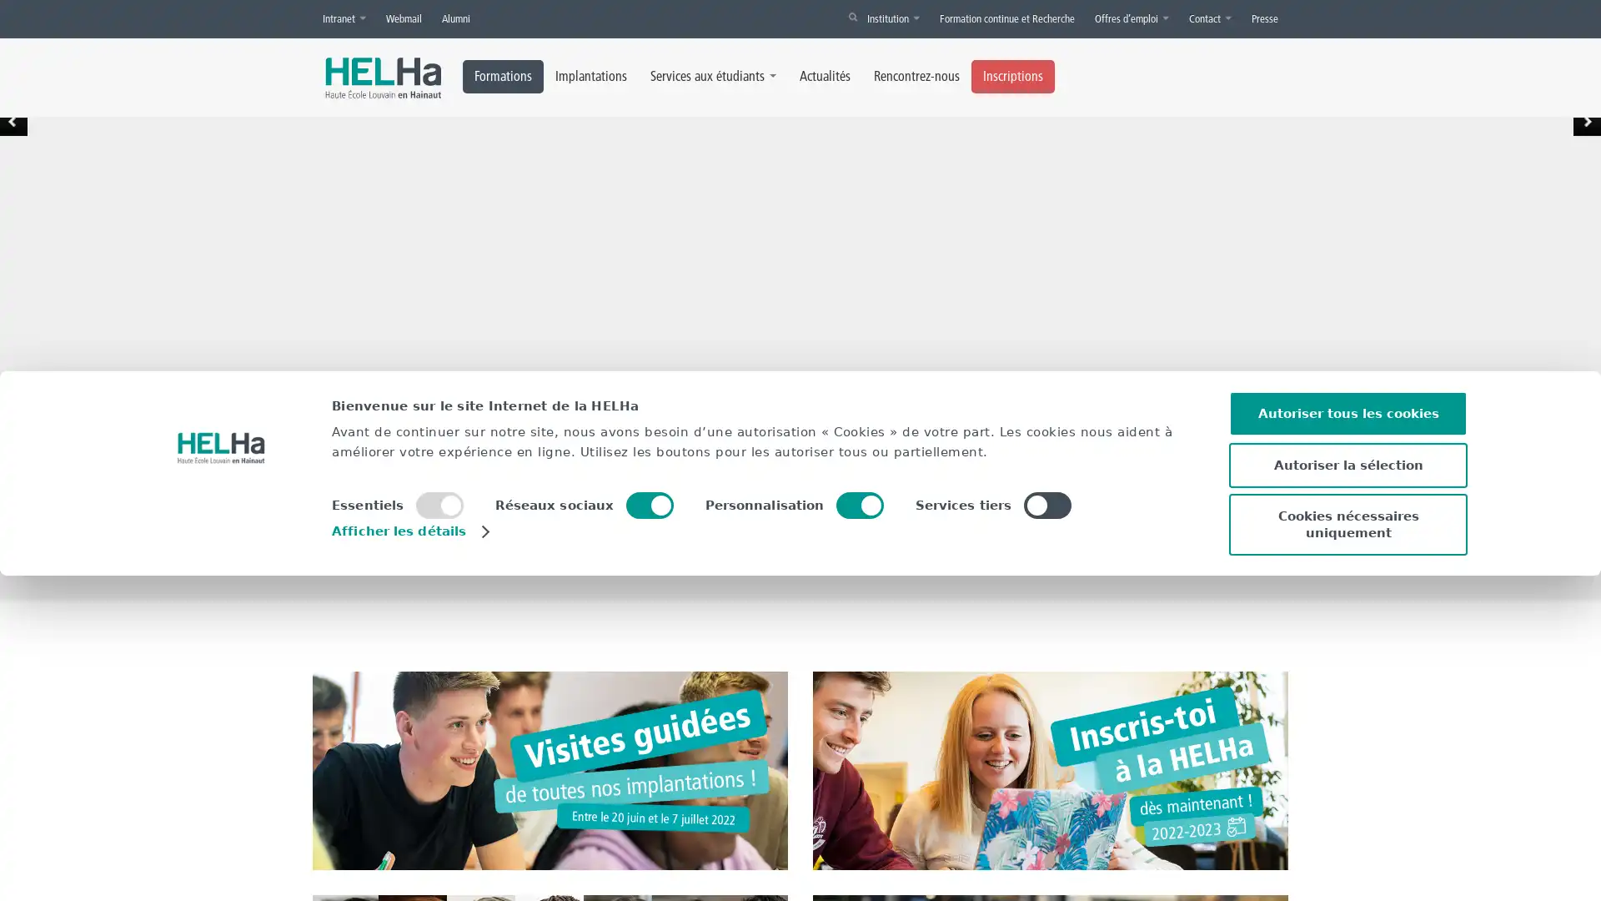 The width and height of the screenshot is (1601, 901). I want to click on Cookies necessaires uniquement, so click(1348, 849).